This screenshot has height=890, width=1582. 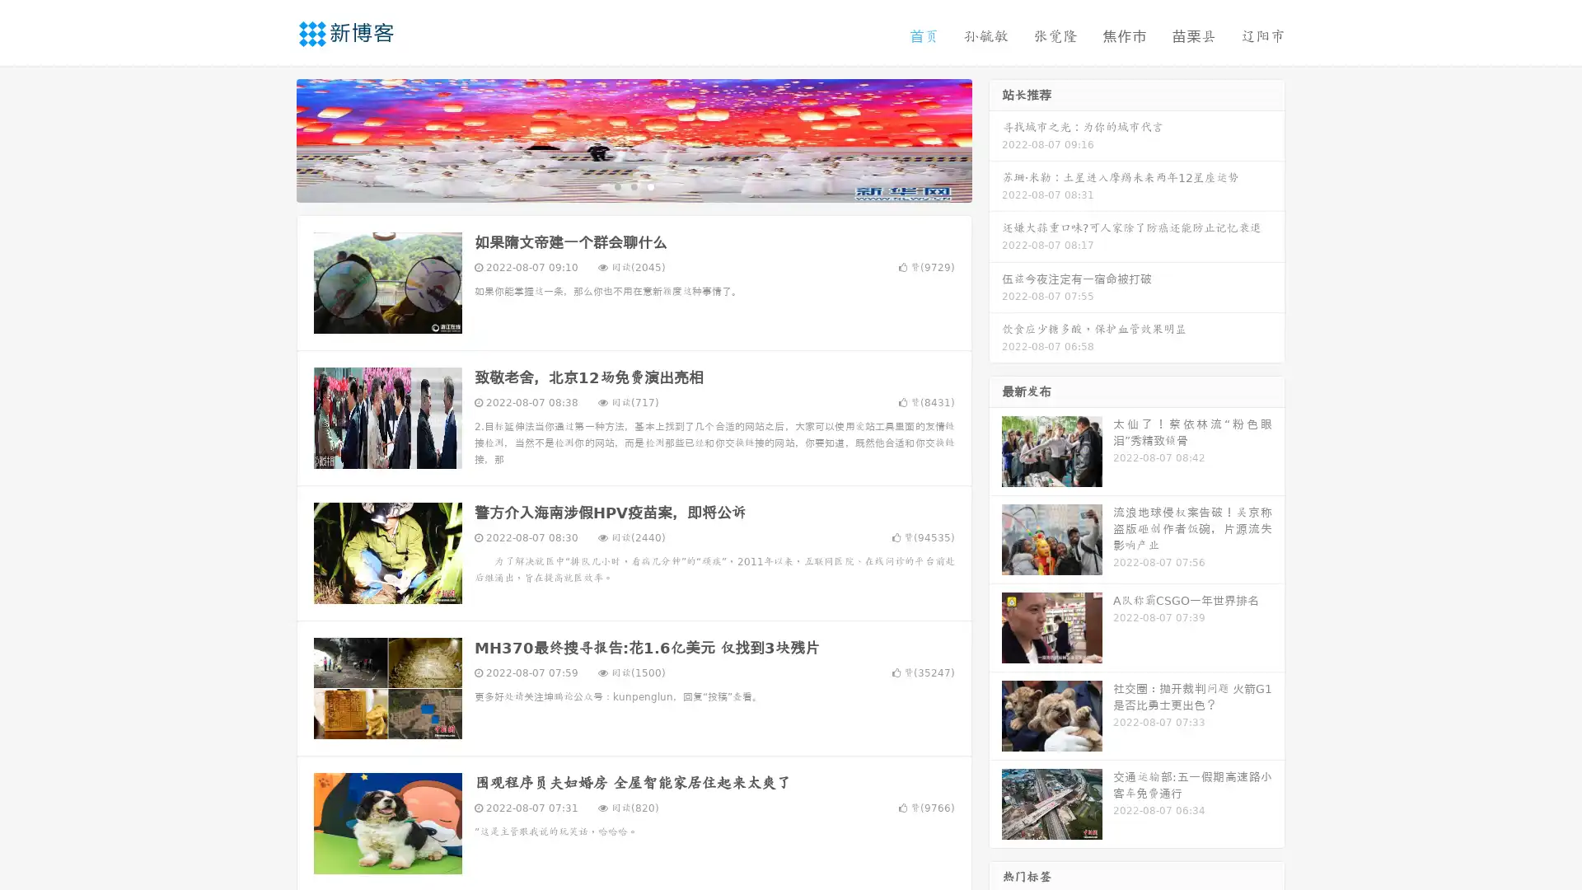 What do you see at coordinates (995, 138) in the screenshot?
I see `Next slide` at bounding box center [995, 138].